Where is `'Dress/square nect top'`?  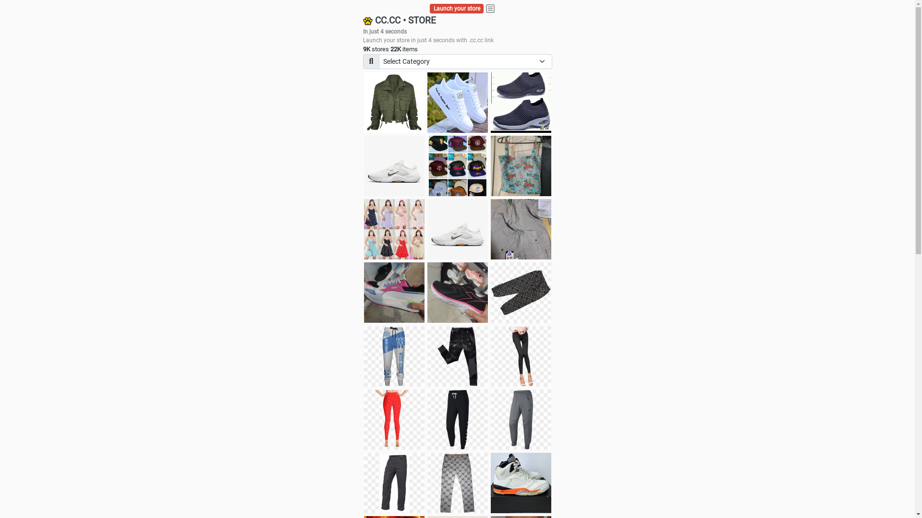
'Dress/square nect top' is located at coordinates (394, 229).